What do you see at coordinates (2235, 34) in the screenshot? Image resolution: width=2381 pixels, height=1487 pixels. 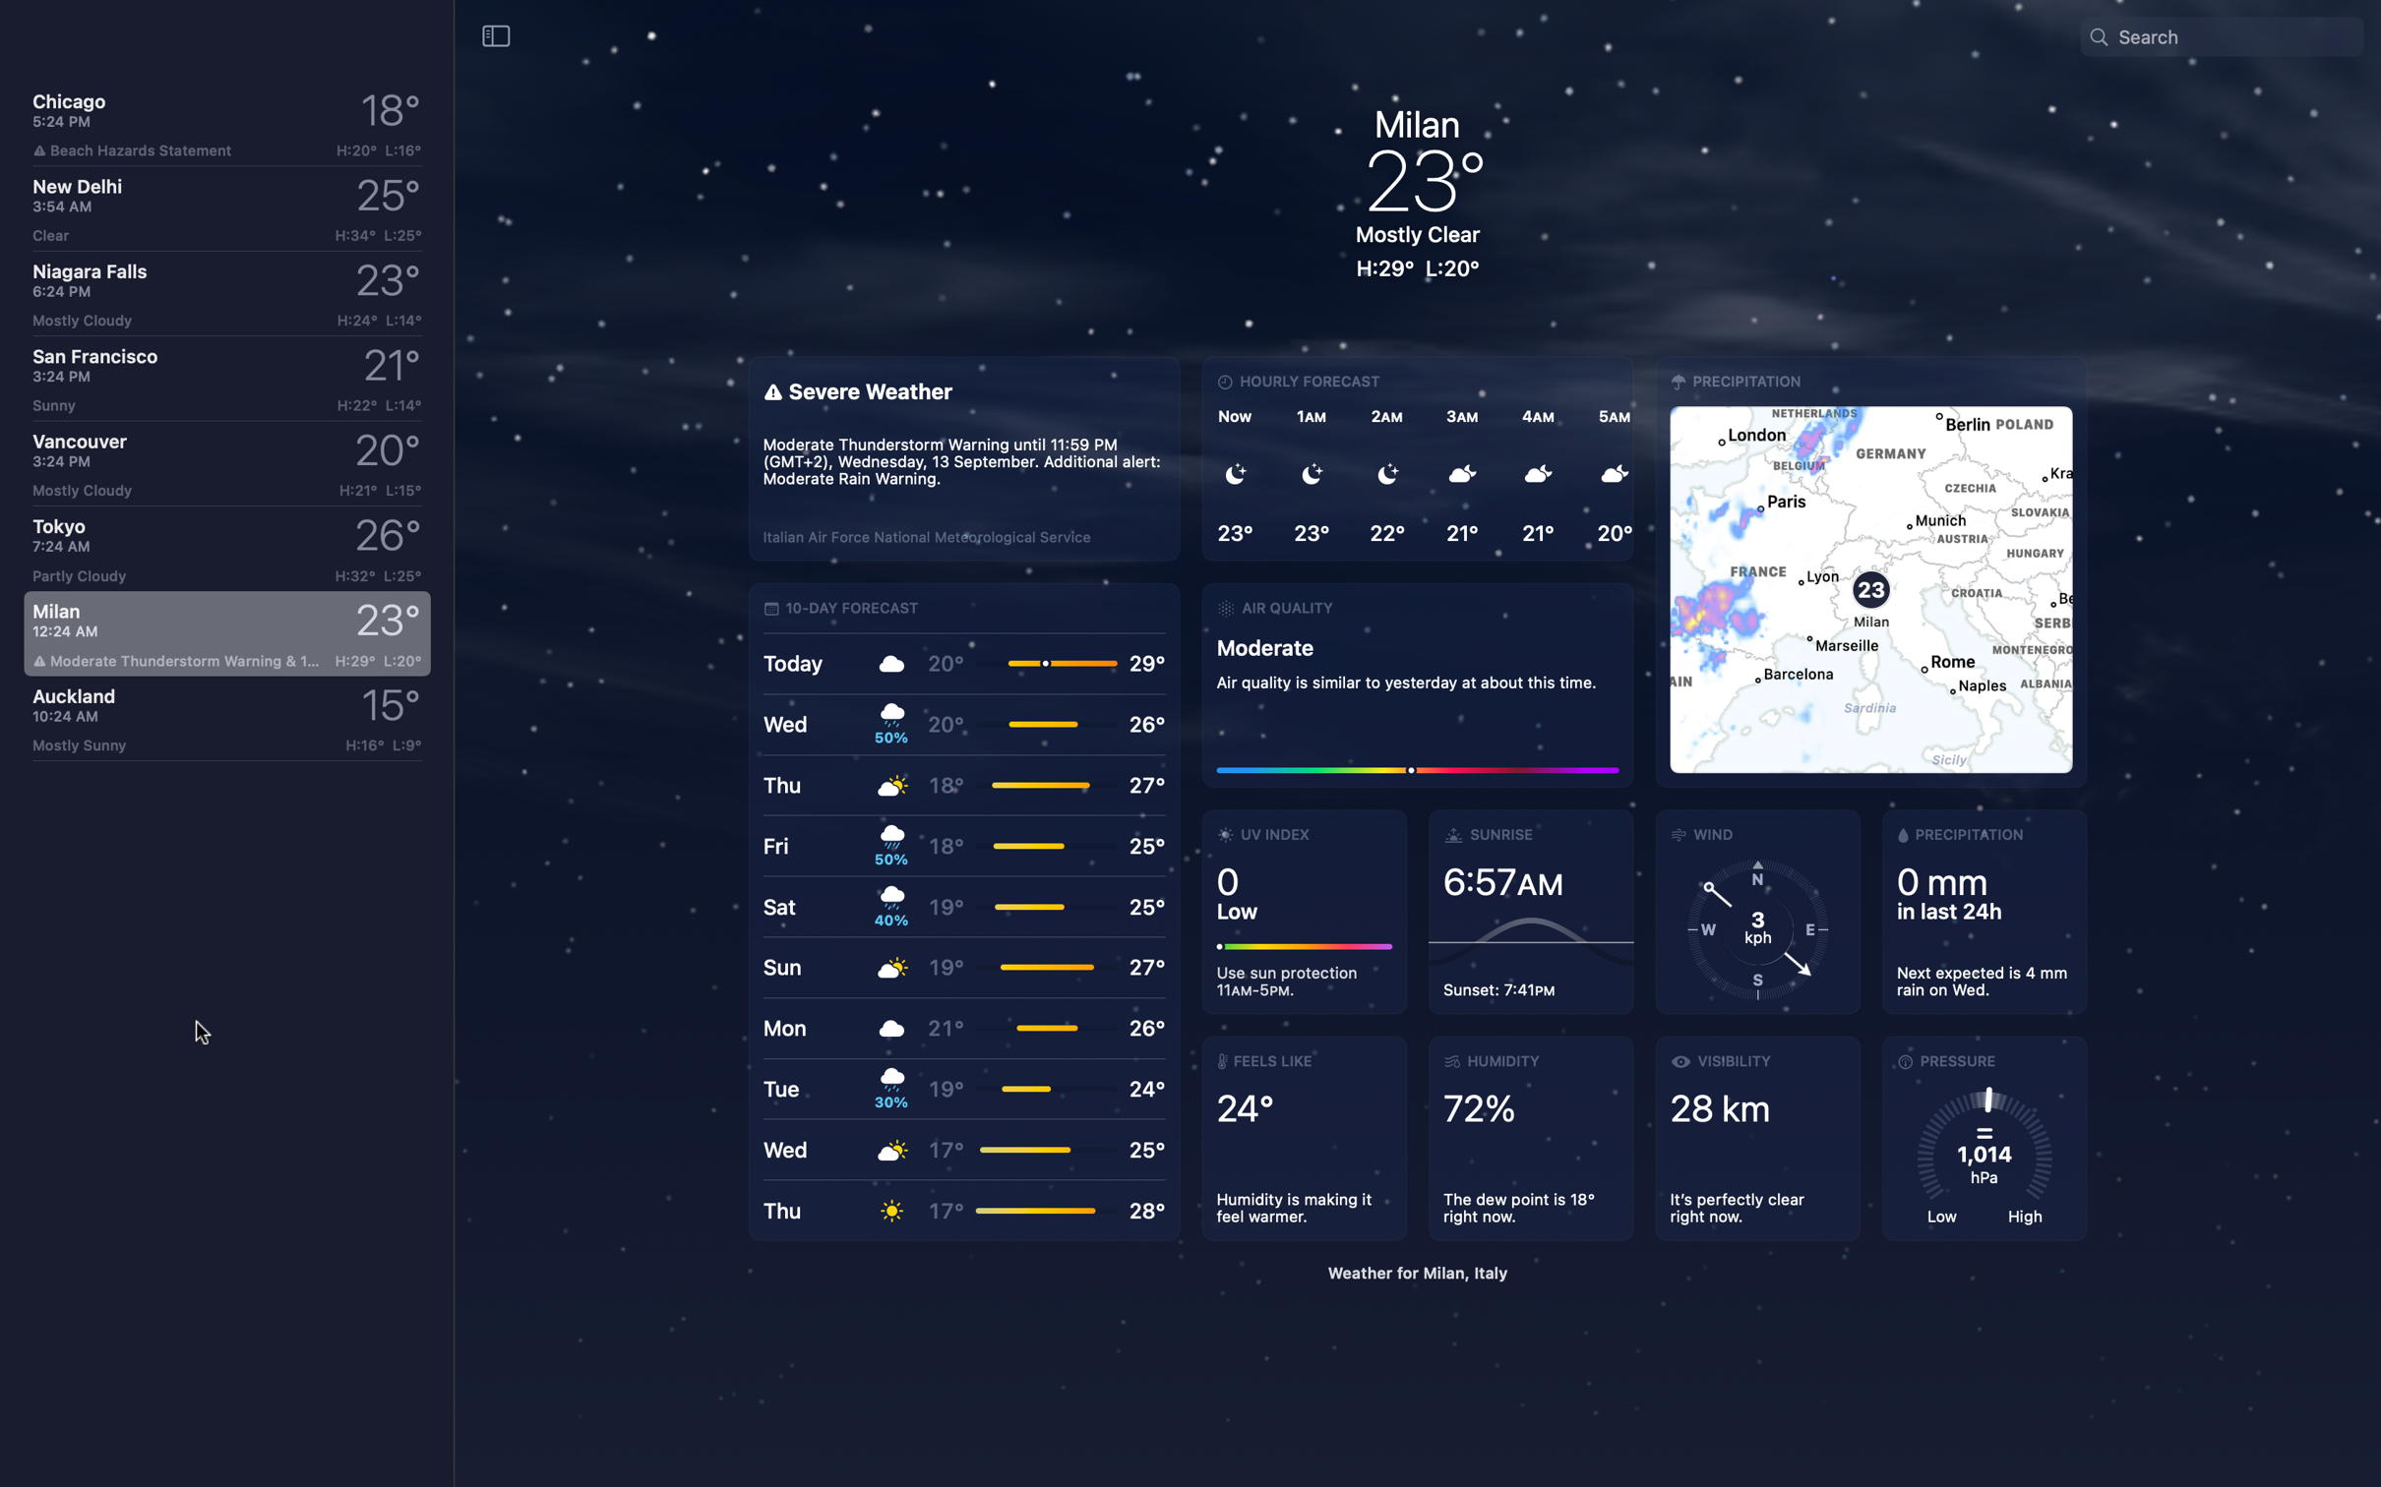 I see `Search for the temperature in "Paris France` at bounding box center [2235, 34].